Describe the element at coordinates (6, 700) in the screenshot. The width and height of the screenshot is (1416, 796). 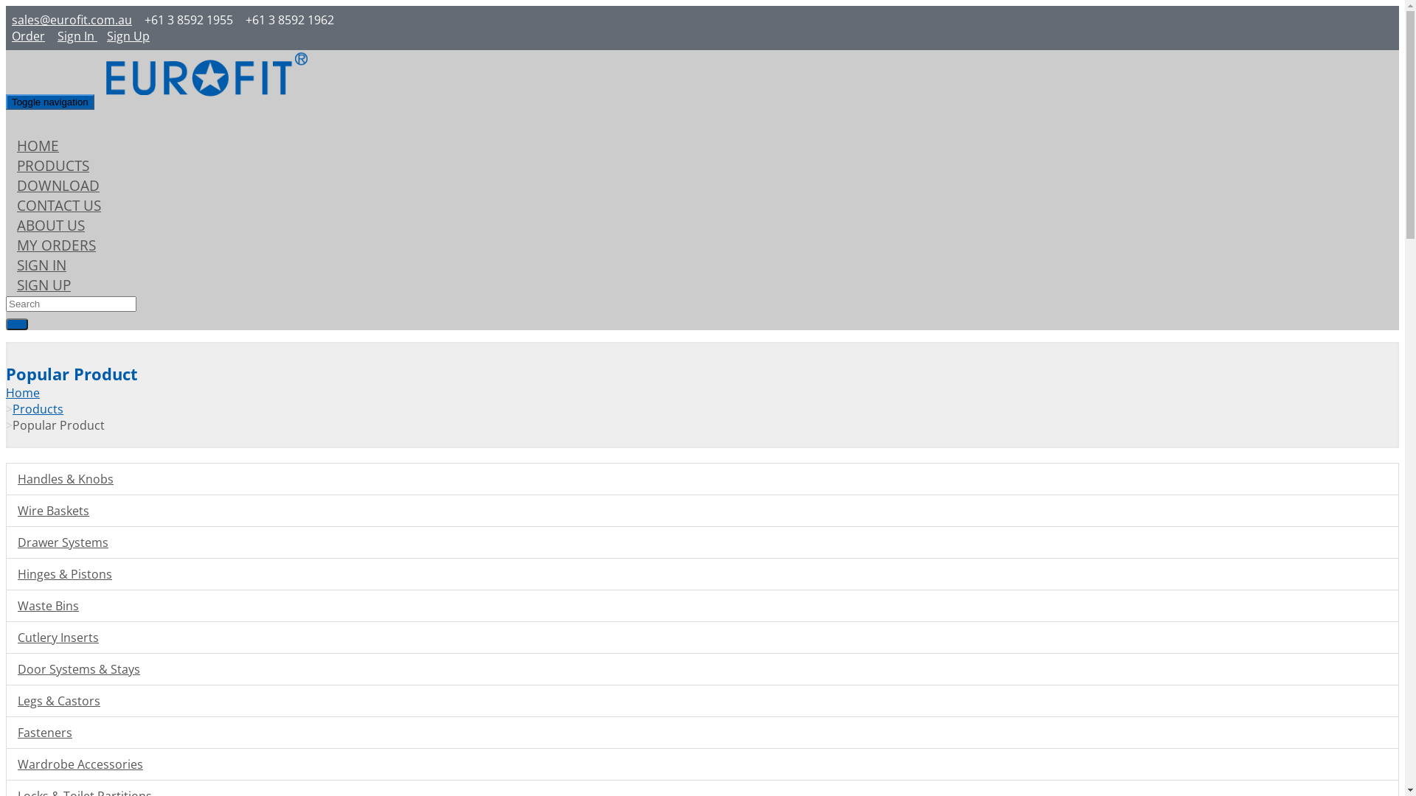
I see `'Legs & Castors'` at that location.